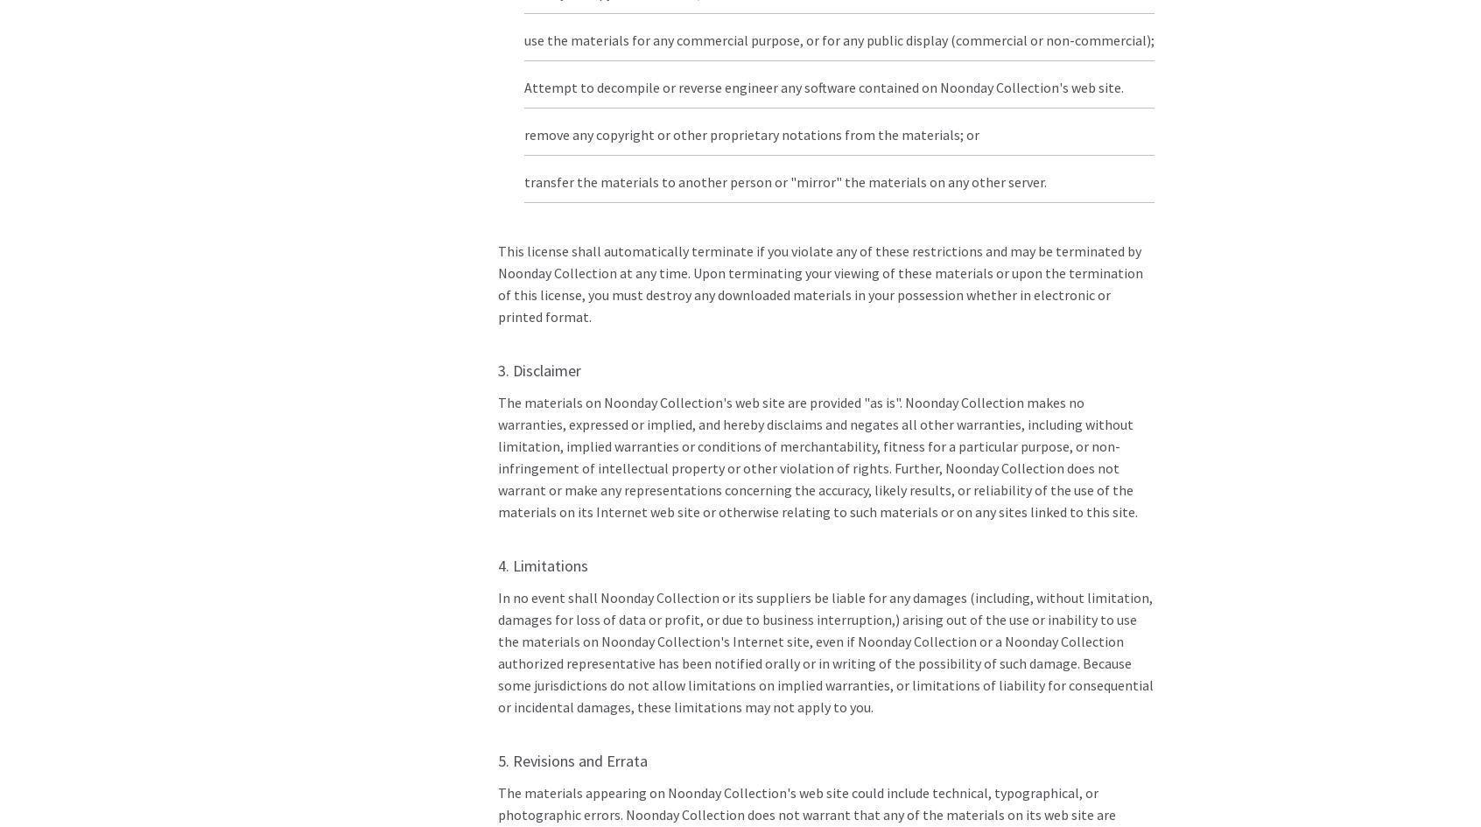 Image resolution: width=1481 pixels, height=827 pixels. I want to click on 'Attempt to decompile or reverse engineer any software contained on Noonday Collection's web site.', so click(522, 86).